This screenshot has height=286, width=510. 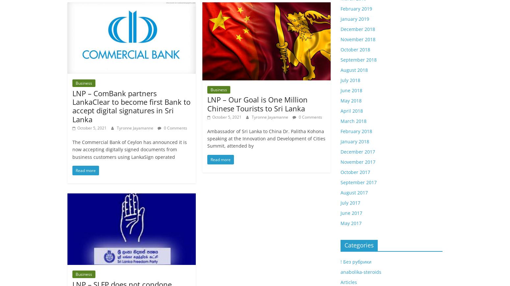 I want to click on 'November 2017', so click(x=357, y=162).